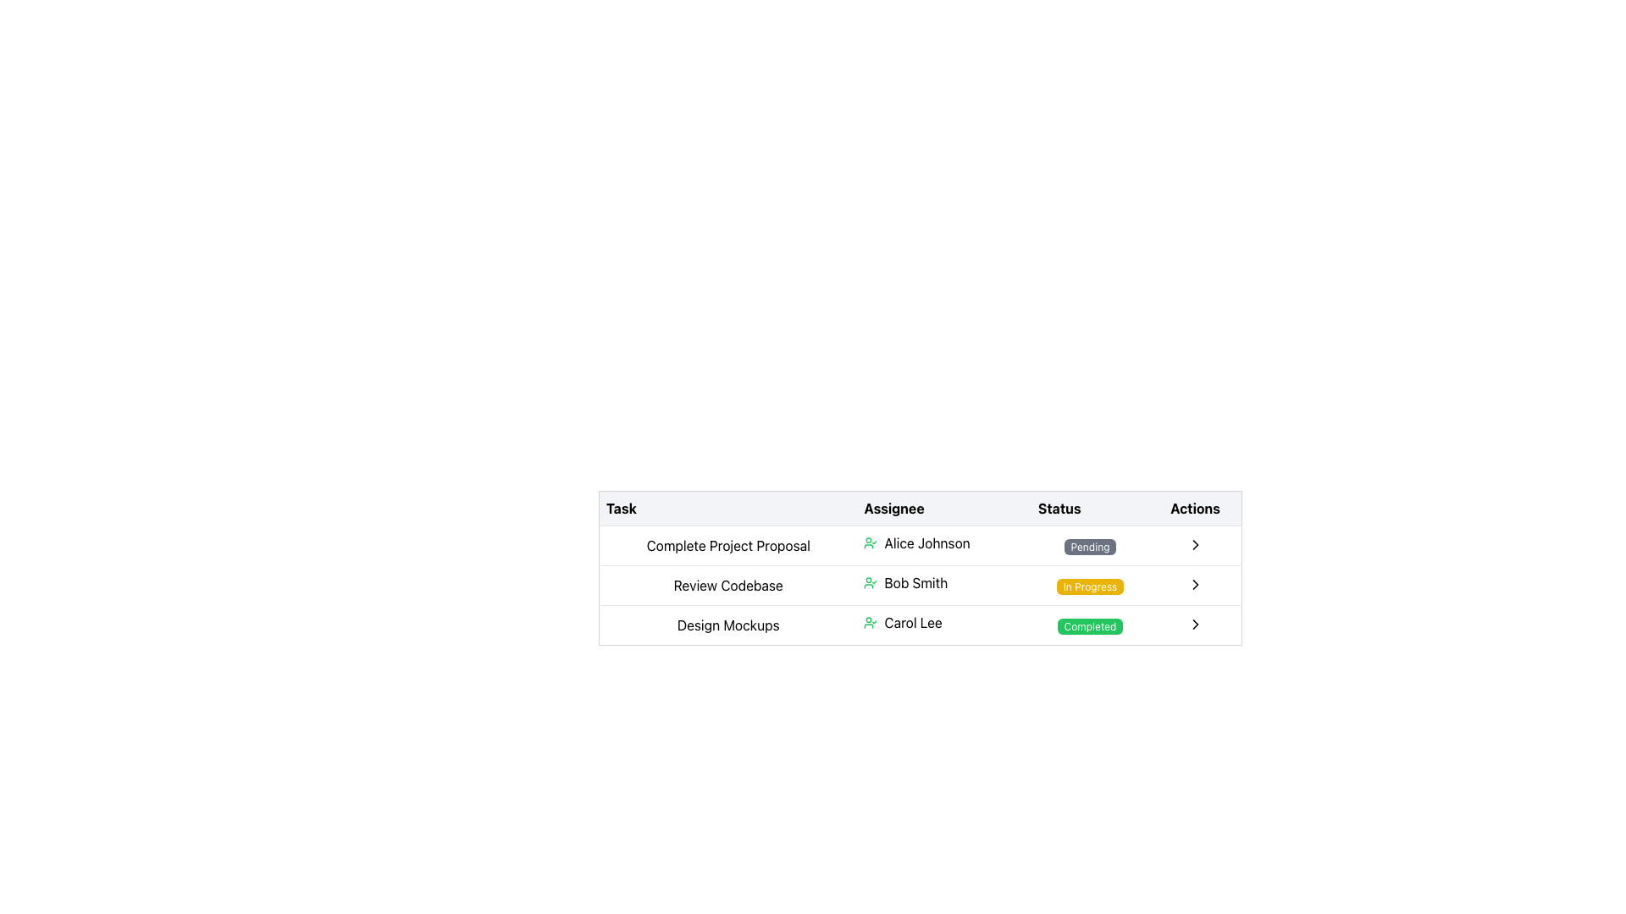  What do you see at coordinates (1194, 545) in the screenshot?
I see `the button located in the far-right column of the table under the 'Actions' header for the first row corresponding to 'Complete Project Proposal'` at bounding box center [1194, 545].